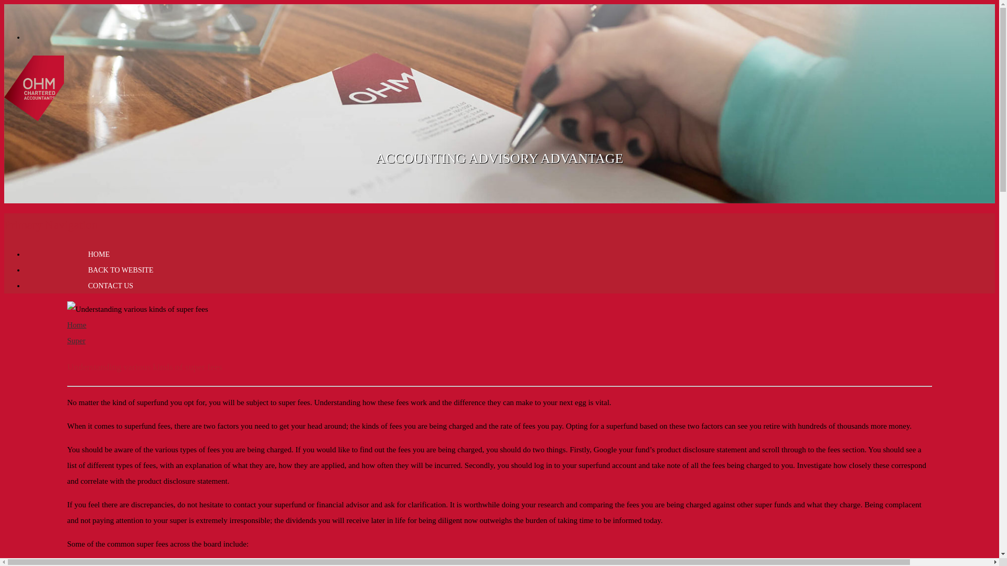 This screenshot has width=1007, height=566. Describe the element at coordinates (34, 115) in the screenshot. I see `'Articles'` at that location.